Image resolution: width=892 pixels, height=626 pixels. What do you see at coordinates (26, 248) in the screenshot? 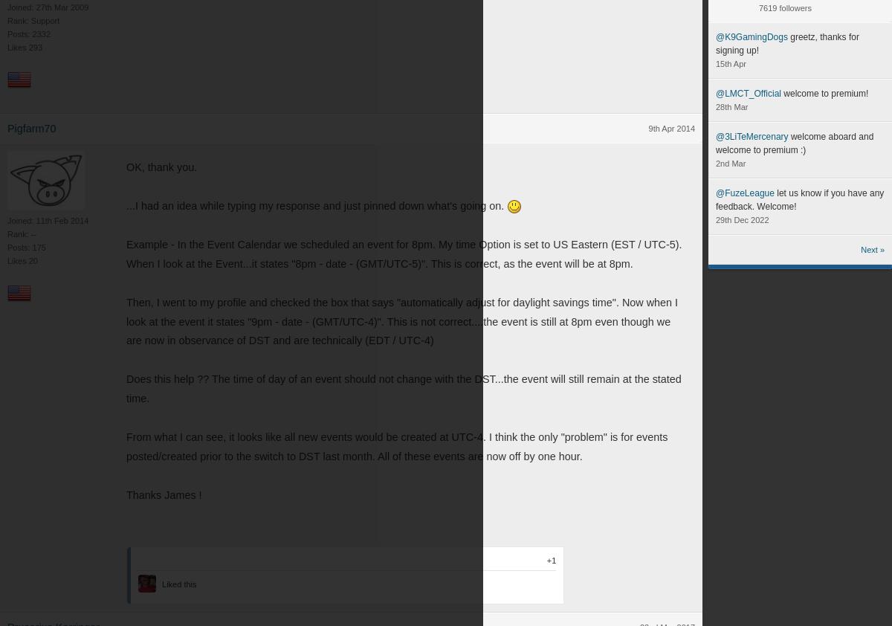
I see `'Posts: 175'` at bounding box center [26, 248].